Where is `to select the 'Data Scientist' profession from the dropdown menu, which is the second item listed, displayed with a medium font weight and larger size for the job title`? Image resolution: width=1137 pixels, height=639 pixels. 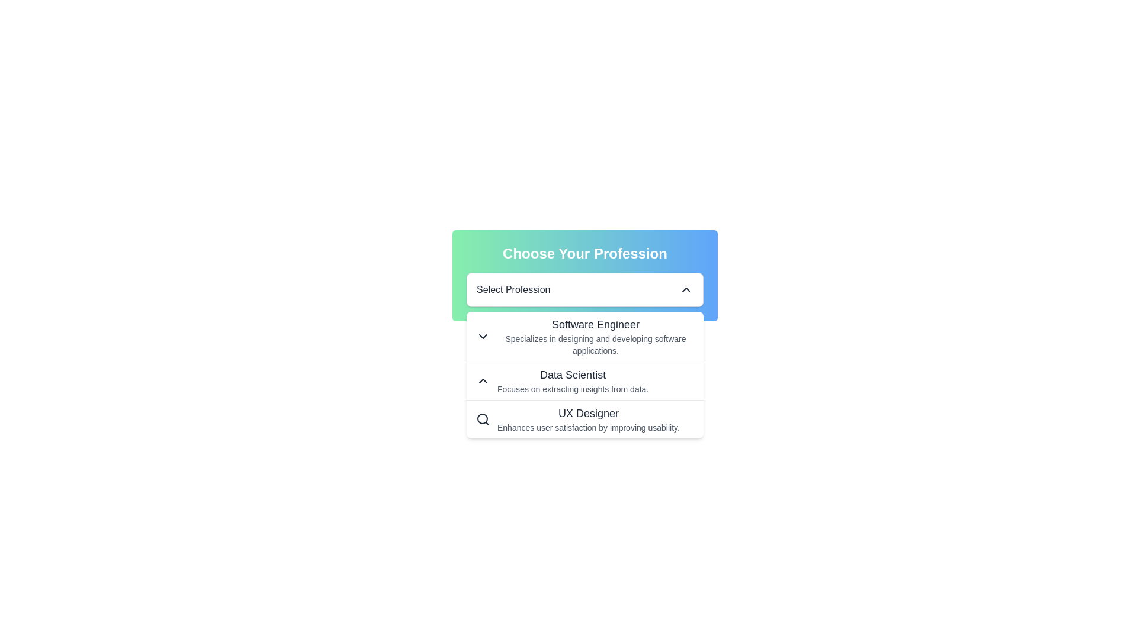 to select the 'Data Scientist' profession from the dropdown menu, which is the second item listed, displayed with a medium font weight and larger size for the job title is located at coordinates (573, 381).